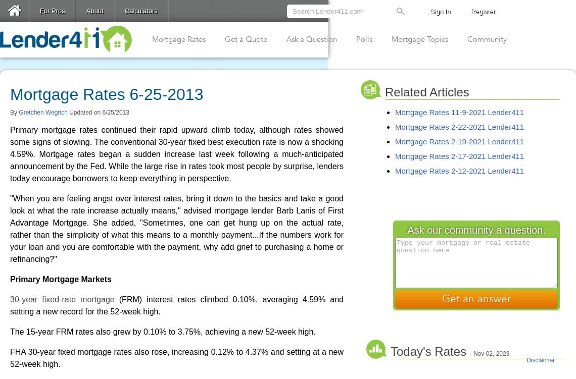 Image resolution: width=576 pixels, height=379 pixels. Describe the element at coordinates (475, 230) in the screenshot. I see `'Ask our community a question.'` at that location.